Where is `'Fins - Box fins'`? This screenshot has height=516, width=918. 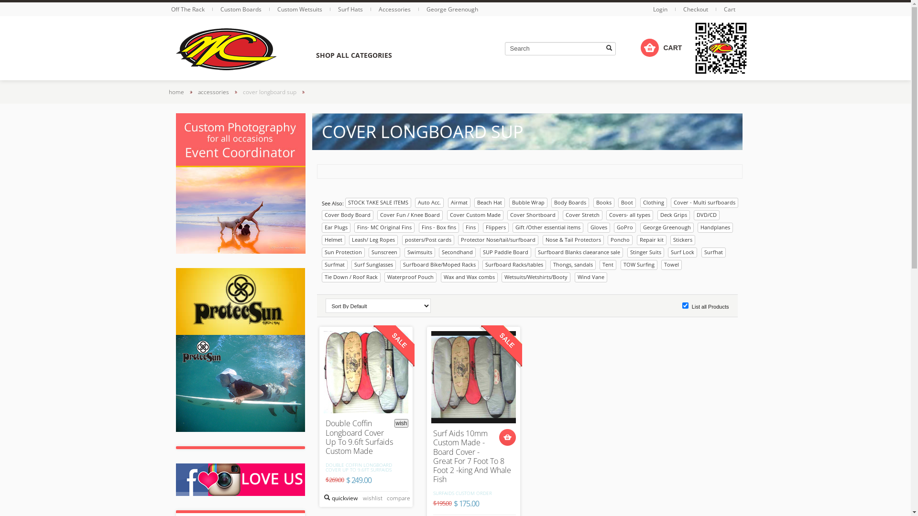
'Fins - Box fins' is located at coordinates (418, 227).